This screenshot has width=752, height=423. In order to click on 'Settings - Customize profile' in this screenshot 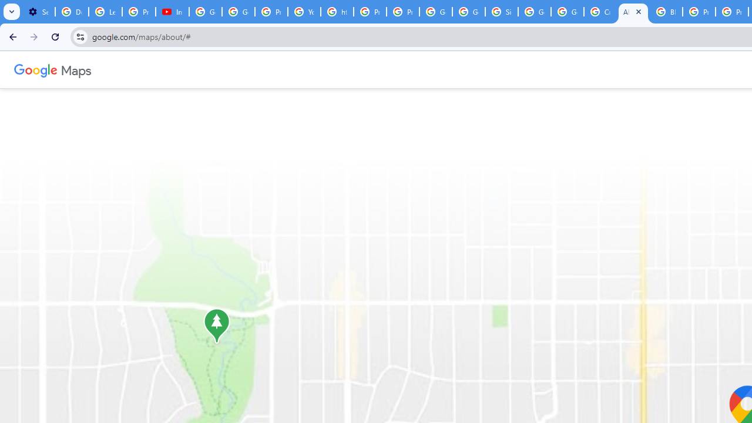, I will do `click(38, 12)`.